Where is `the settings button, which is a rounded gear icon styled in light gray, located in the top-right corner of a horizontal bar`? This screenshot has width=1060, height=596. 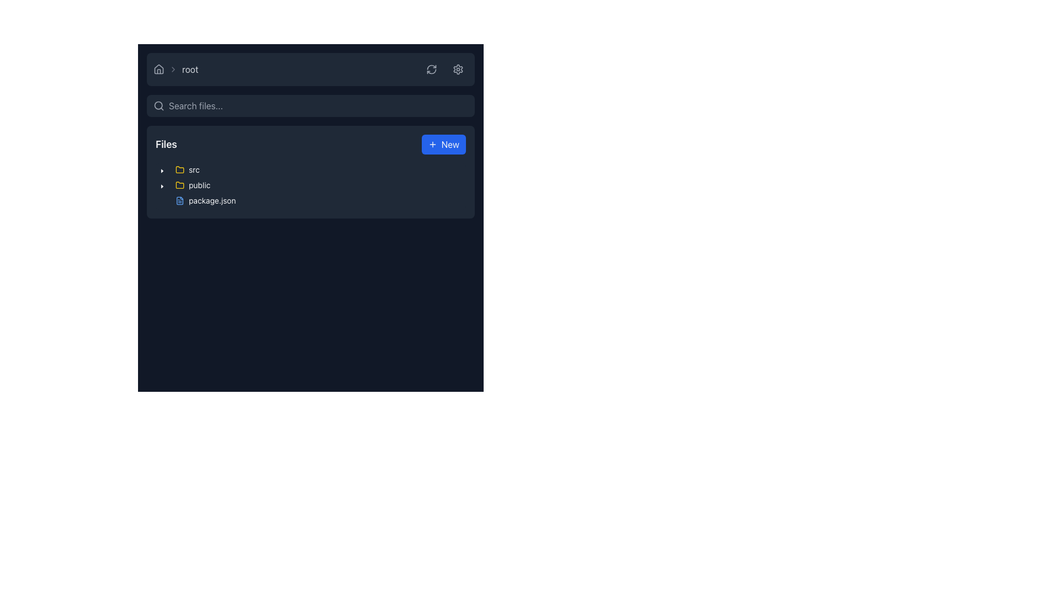 the settings button, which is a rounded gear icon styled in light gray, located in the top-right corner of a horizontal bar is located at coordinates (458, 70).